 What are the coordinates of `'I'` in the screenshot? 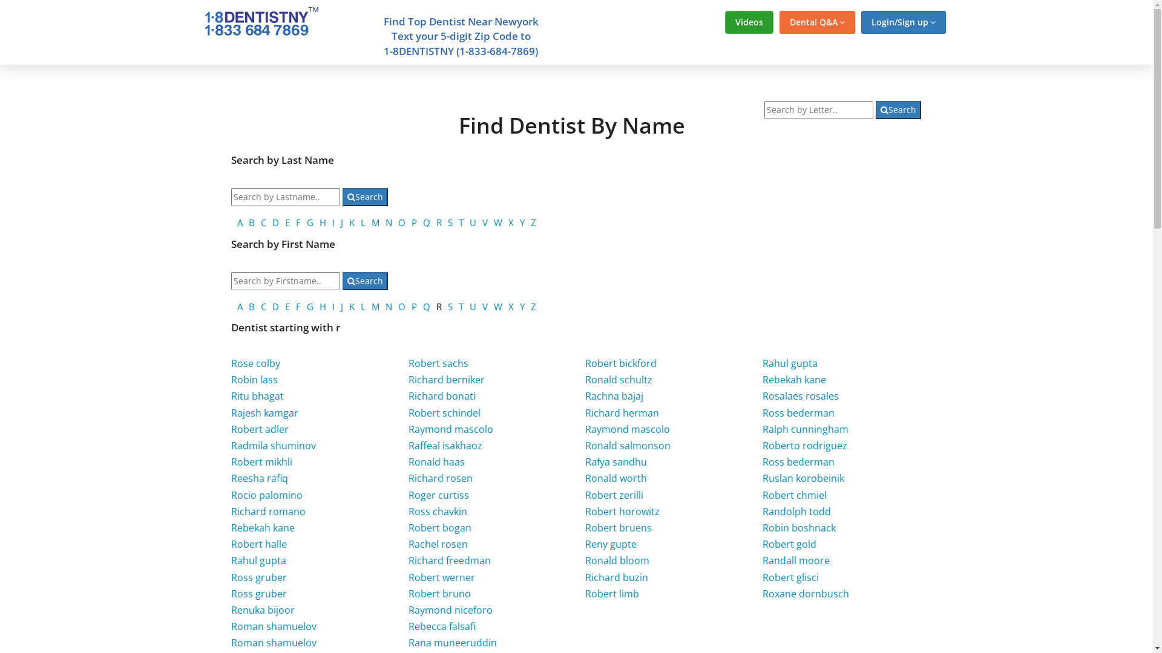 It's located at (332, 222).